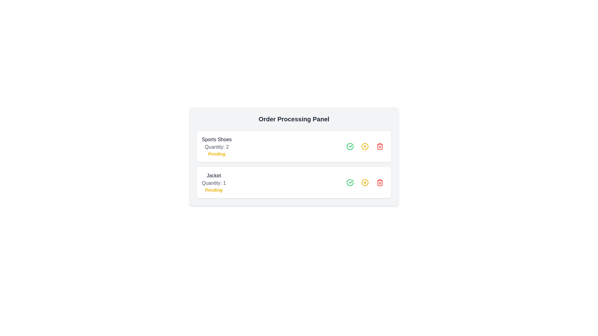  Describe the element at coordinates (379, 182) in the screenshot. I see `the small trash can icon with a red stroke color located on the right side of the second row` at that location.